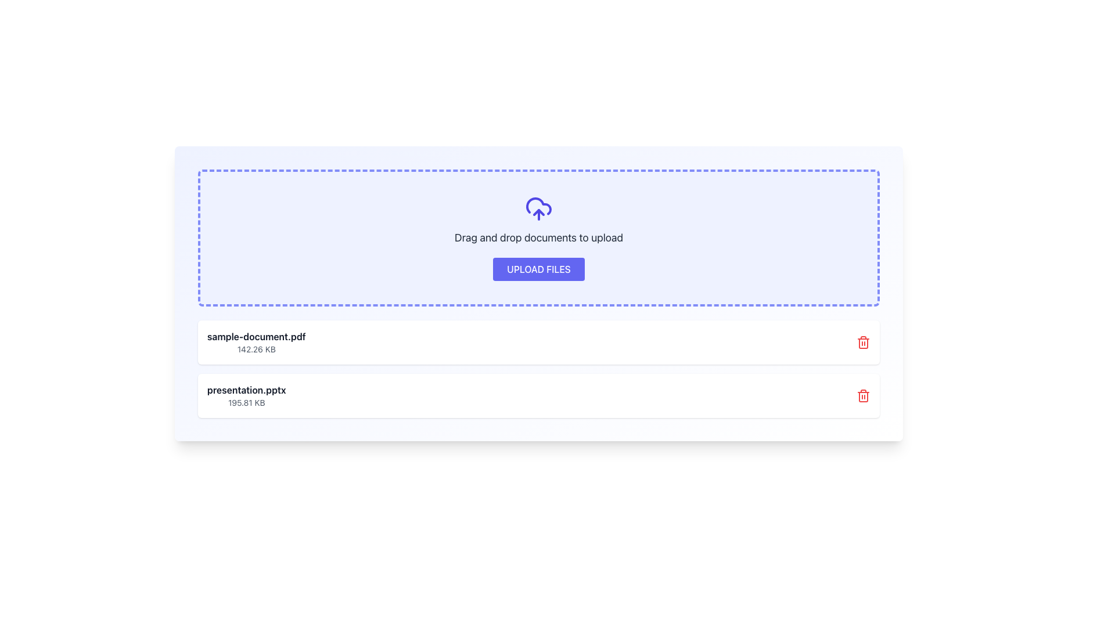 The height and width of the screenshot is (627, 1115). I want to click on the text block displaying the file name 'sample-document.pdf' and its size '142.26 KB', which is located in the left section of the file list below the upload section, so click(256, 342).